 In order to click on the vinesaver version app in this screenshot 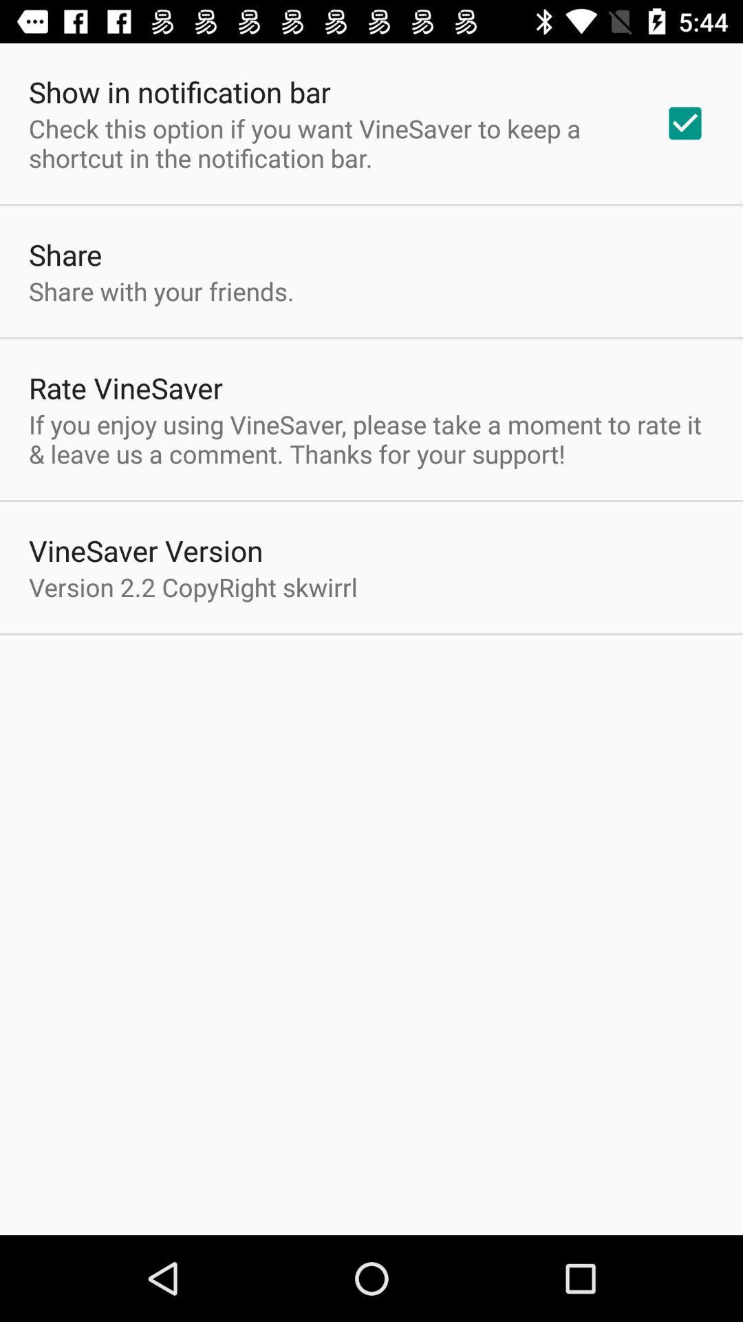, I will do `click(146, 549)`.